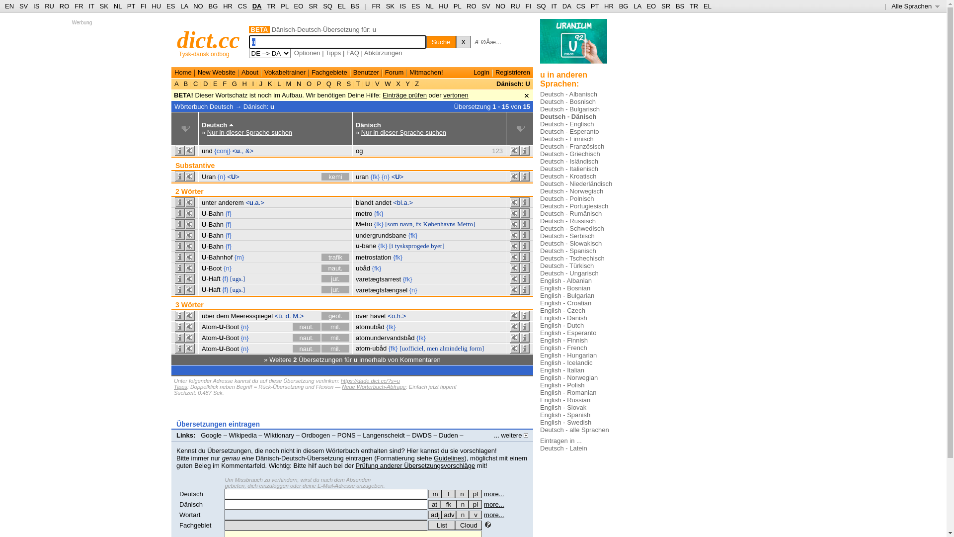  Describe the element at coordinates (216, 72) in the screenshot. I see `'New Website'` at that location.